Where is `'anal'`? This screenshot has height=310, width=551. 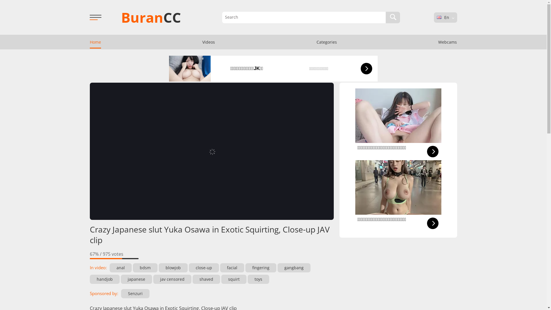
'anal' is located at coordinates (120, 268).